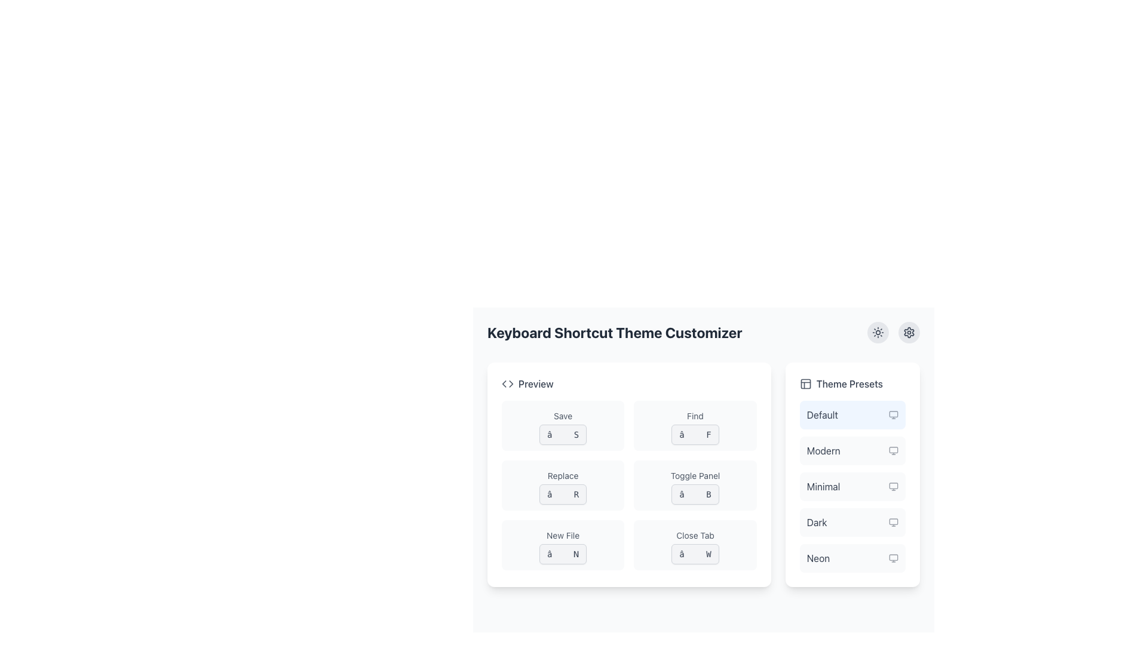  Describe the element at coordinates (695, 545) in the screenshot. I see `text of the 'Close Tab' keyboard shortcut display card, which is the rightmost element in the bottom row of a grid layout under the label 'Preview'` at that location.